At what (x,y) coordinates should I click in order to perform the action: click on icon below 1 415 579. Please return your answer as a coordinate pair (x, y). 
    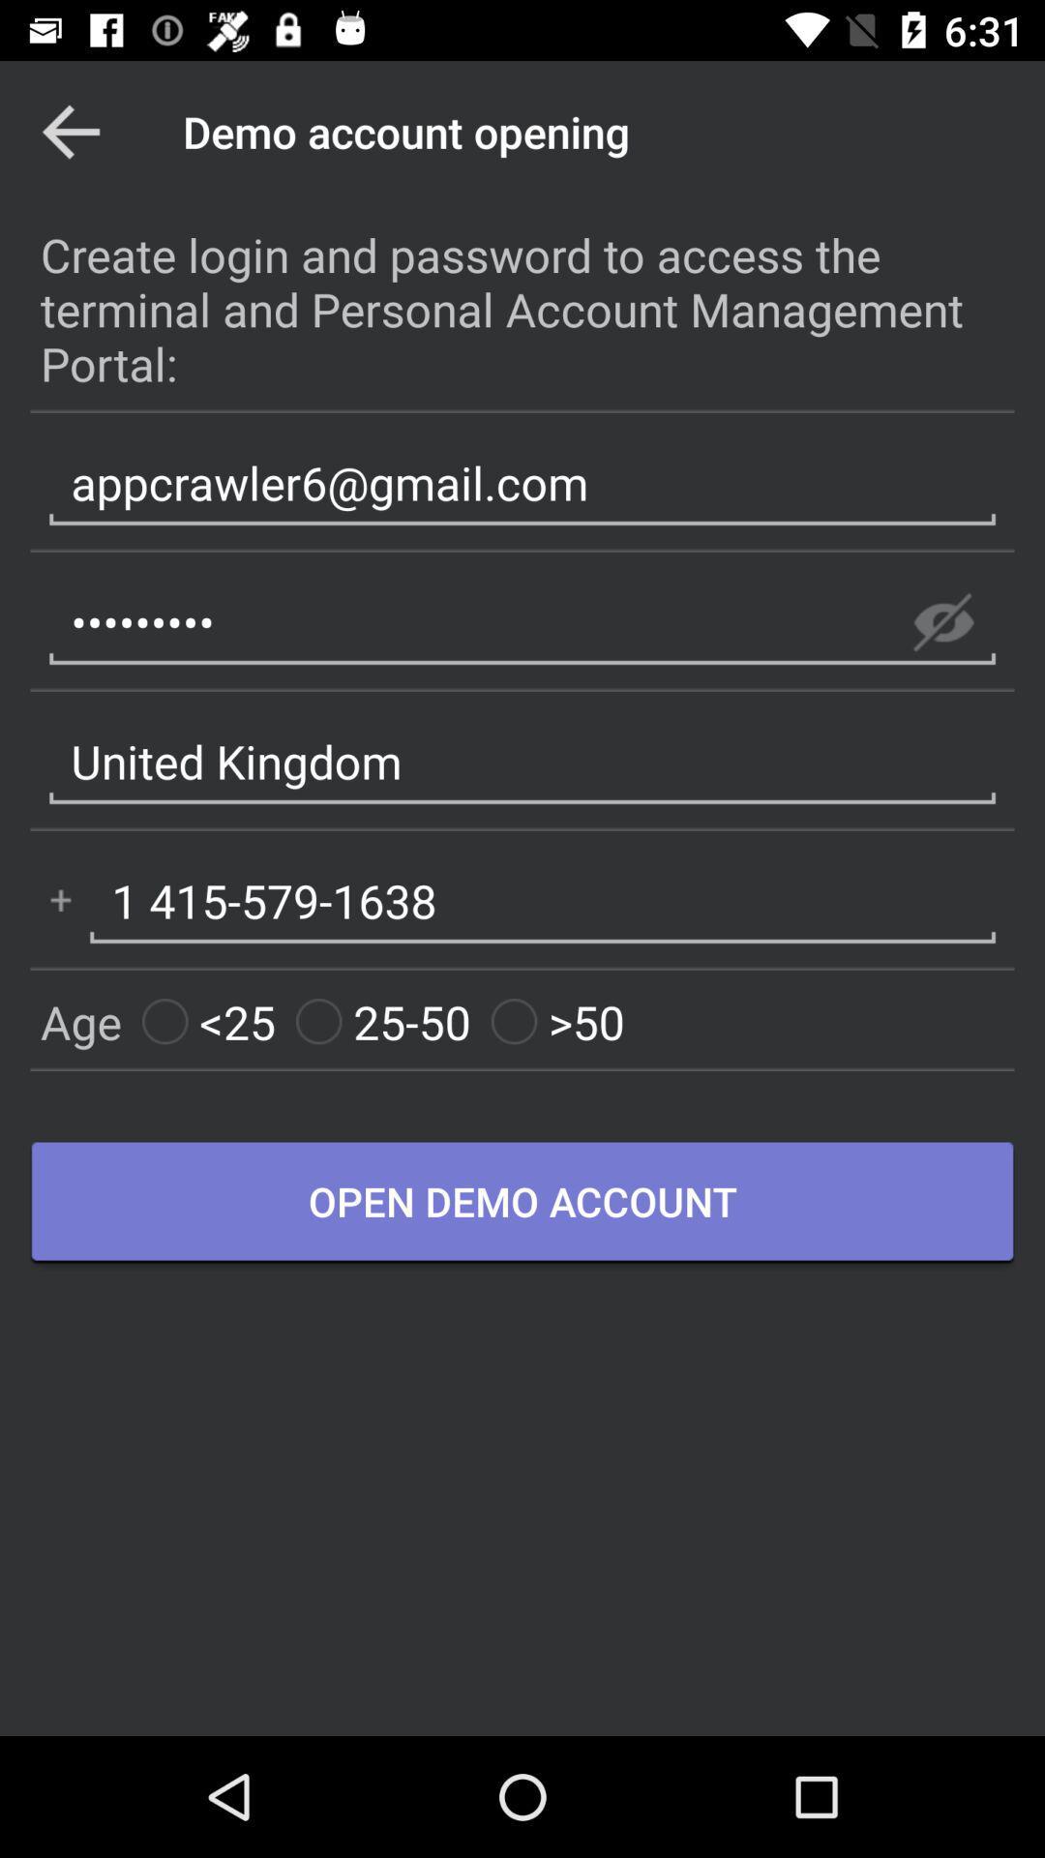
    Looking at the image, I should click on (383, 1021).